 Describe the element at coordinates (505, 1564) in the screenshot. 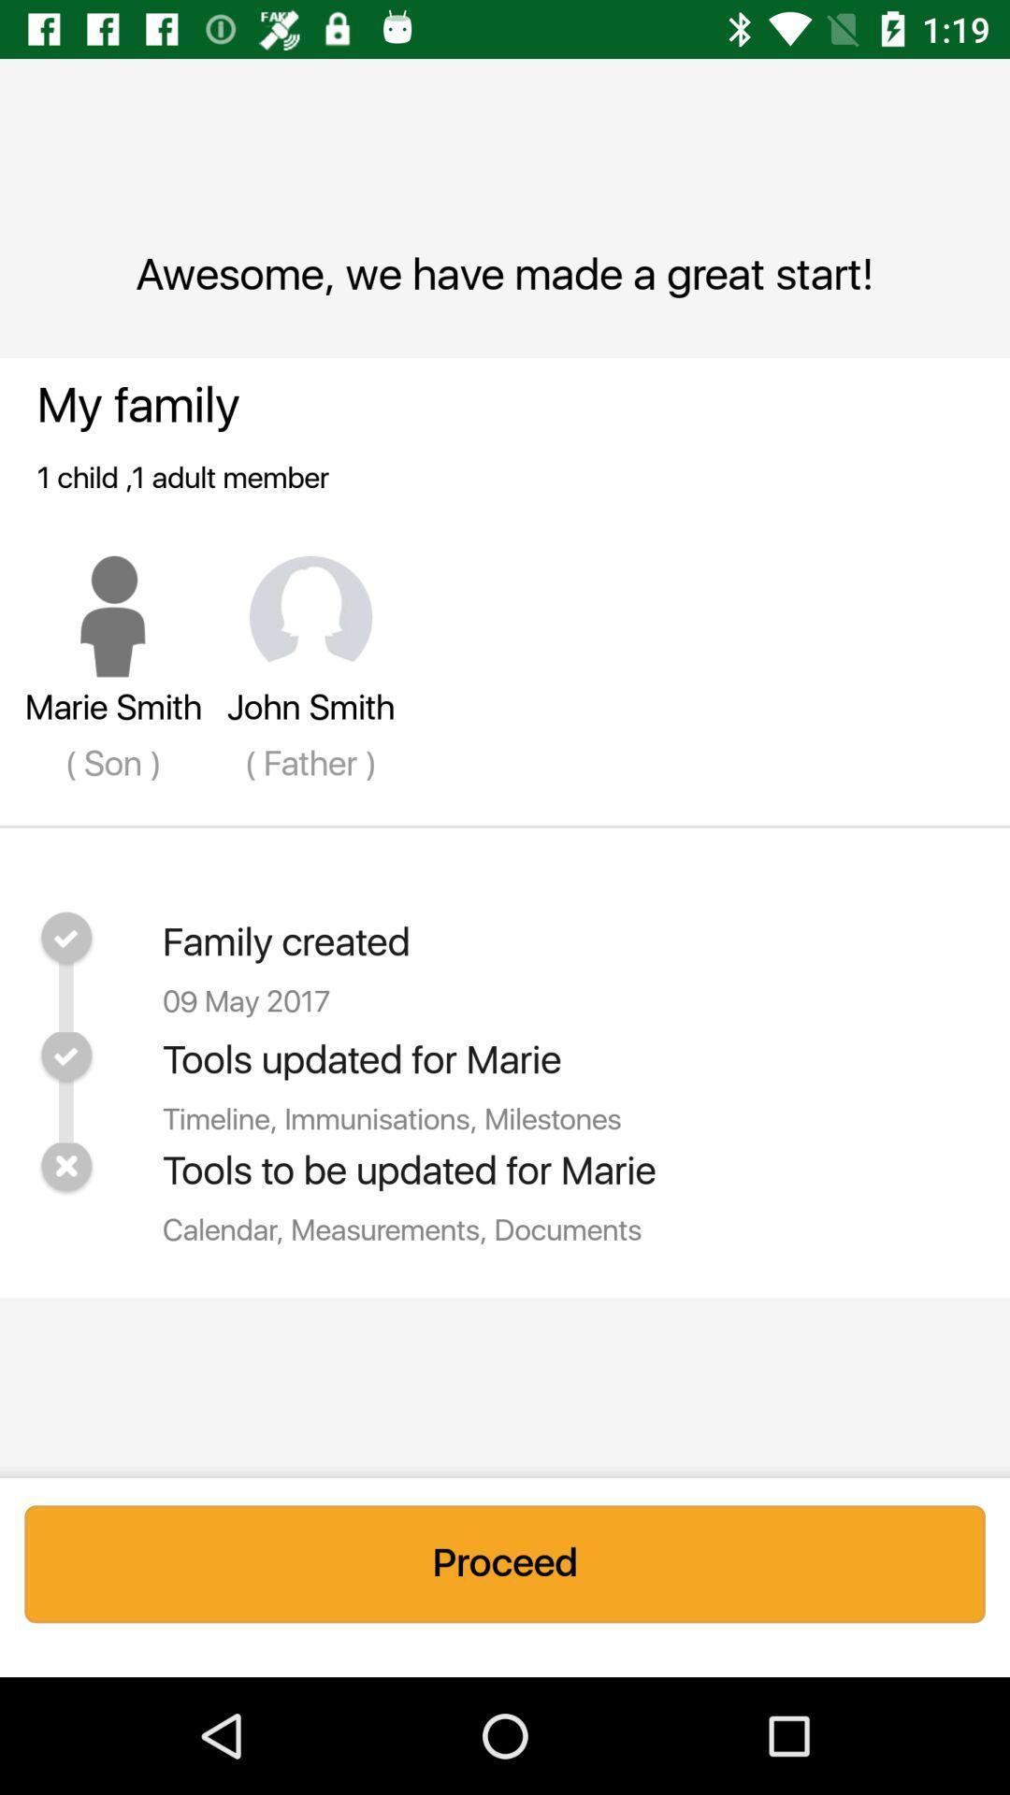

I see `proceed` at that location.